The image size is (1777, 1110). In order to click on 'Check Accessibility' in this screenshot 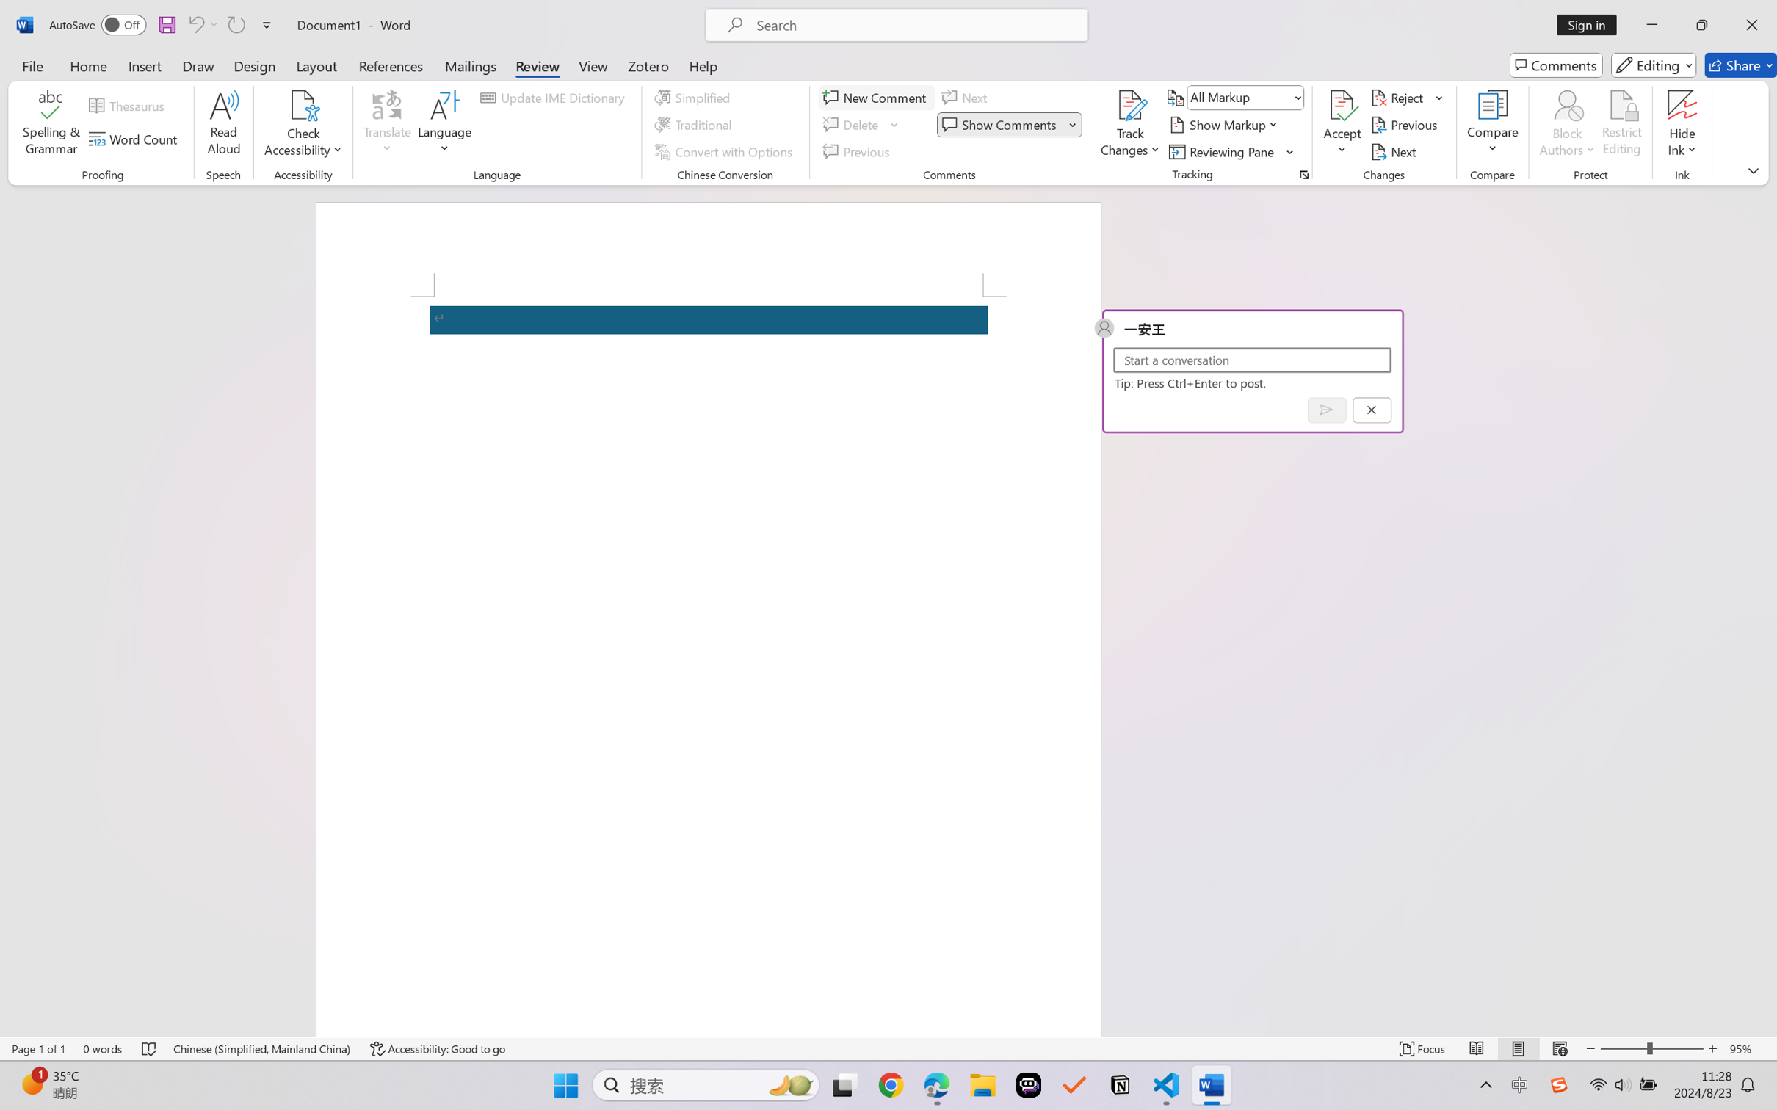, I will do `click(303, 125)`.